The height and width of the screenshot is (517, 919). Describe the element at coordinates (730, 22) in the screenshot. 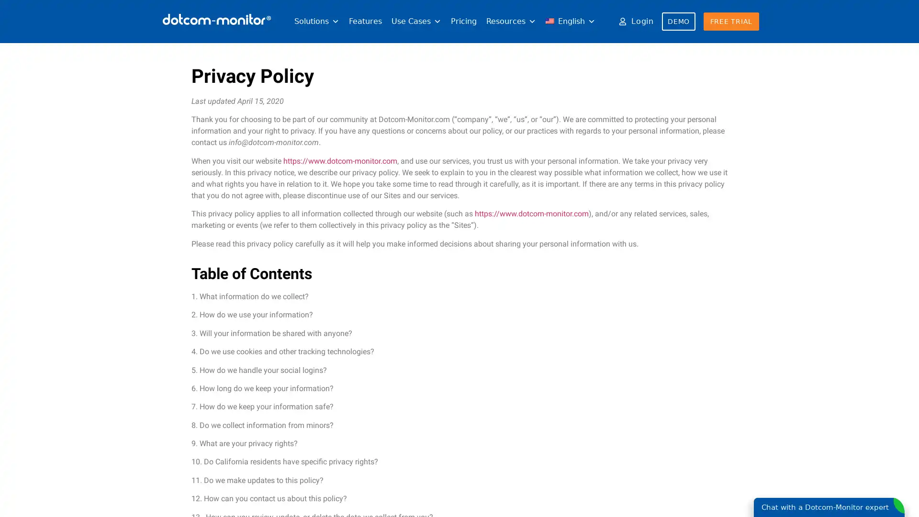

I see `FREE TRIAL` at that location.